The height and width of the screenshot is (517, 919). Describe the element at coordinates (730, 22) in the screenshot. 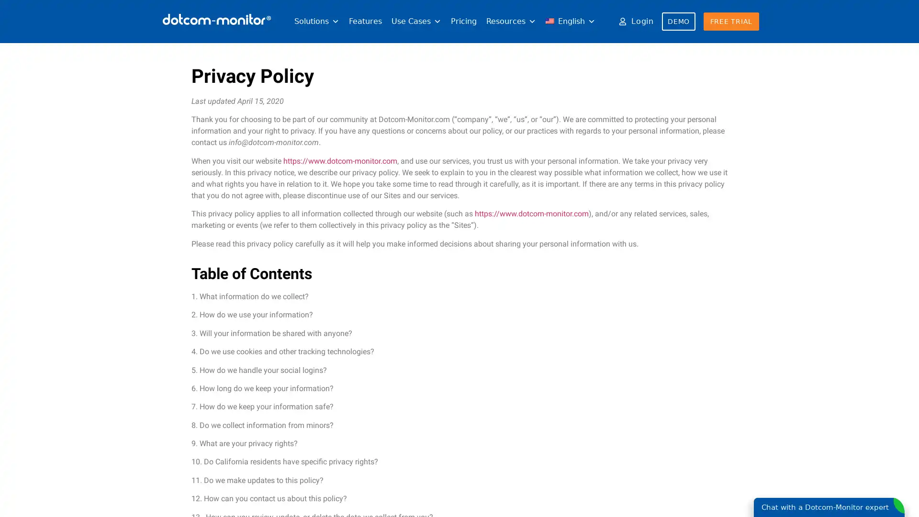

I see `FREE TRIAL` at that location.